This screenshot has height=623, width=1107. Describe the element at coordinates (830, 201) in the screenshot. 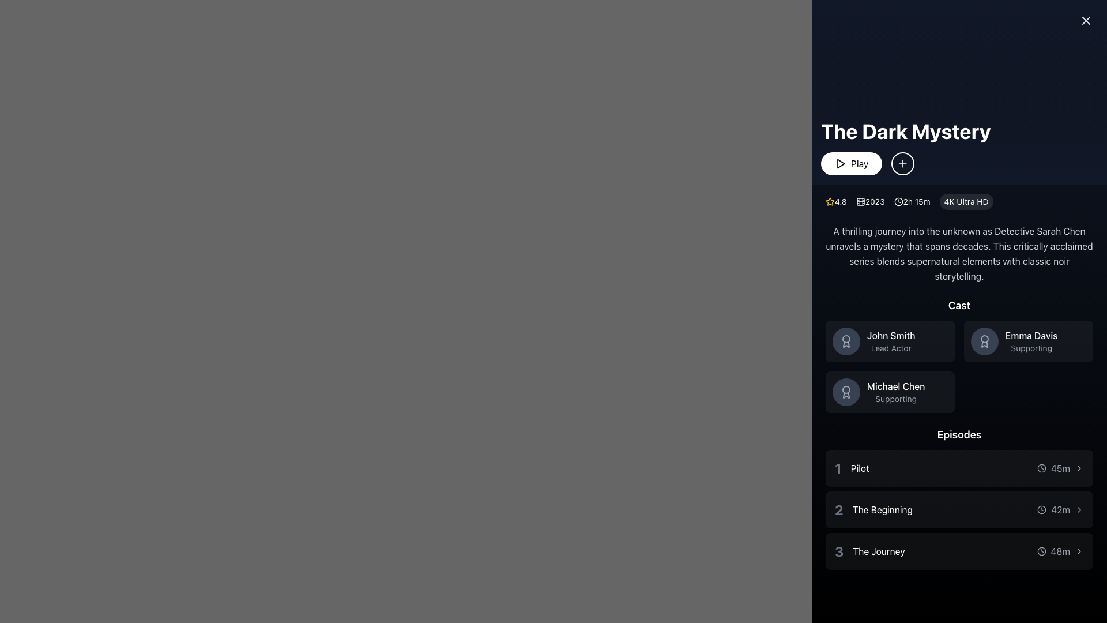

I see `the star-shaped icon with a yellow outline, located to the left of the numeric text '4.8' in the right column of the interface` at that location.